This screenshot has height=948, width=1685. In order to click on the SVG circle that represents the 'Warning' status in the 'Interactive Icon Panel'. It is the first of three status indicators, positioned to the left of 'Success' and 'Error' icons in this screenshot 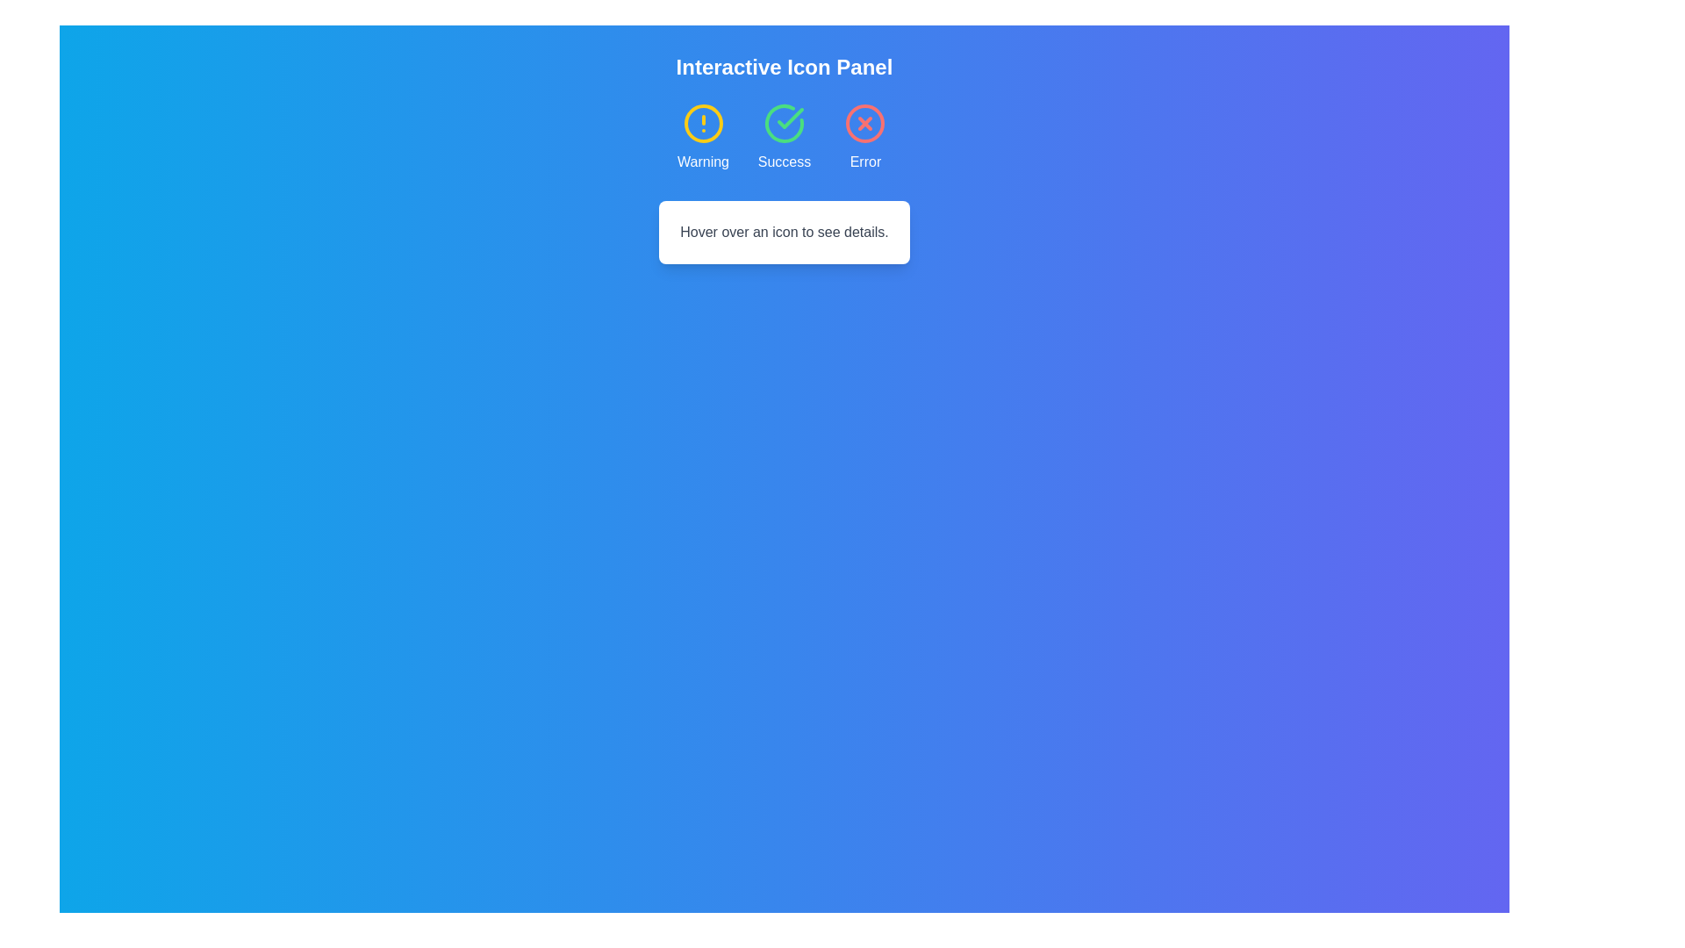, I will do `click(703, 123)`.